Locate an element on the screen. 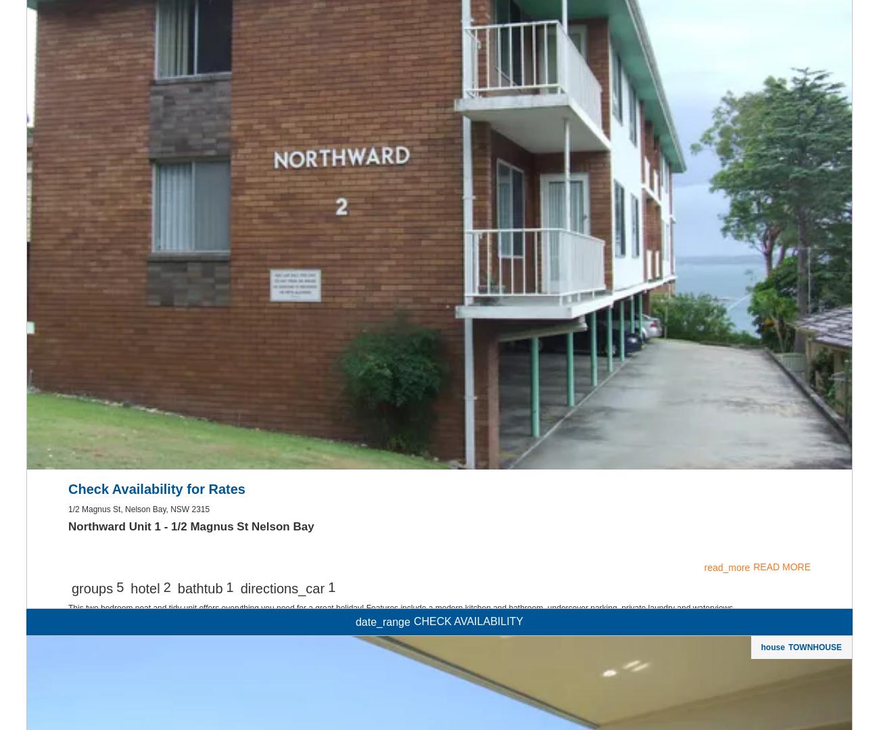 Image resolution: width=879 pixels, height=730 pixels. 'smoke_free' is located at coordinates (439, 208).